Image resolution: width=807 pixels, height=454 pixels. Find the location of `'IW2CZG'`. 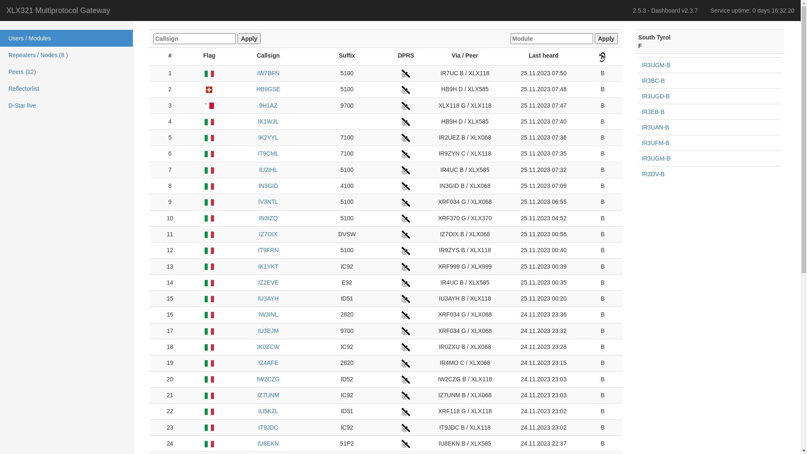

'IW2CZG' is located at coordinates (268, 379).